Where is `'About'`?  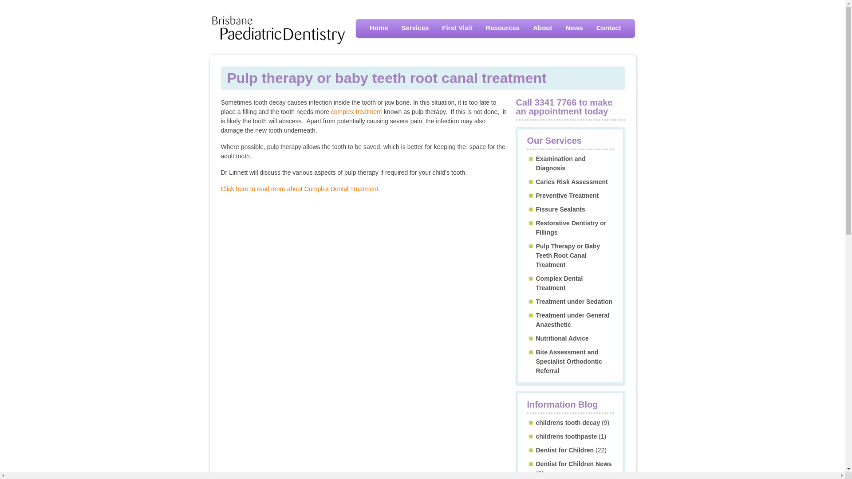
'About' is located at coordinates (542, 27).